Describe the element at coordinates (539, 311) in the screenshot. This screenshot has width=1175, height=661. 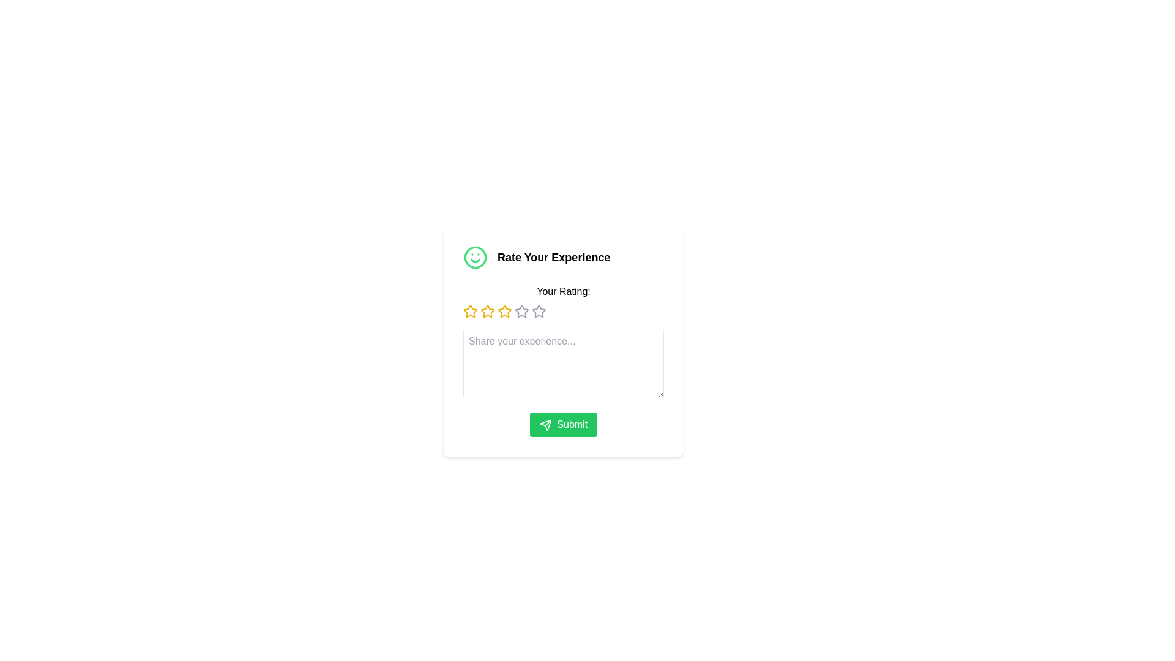
I see `the eighth star icon in the rating system` at that location.